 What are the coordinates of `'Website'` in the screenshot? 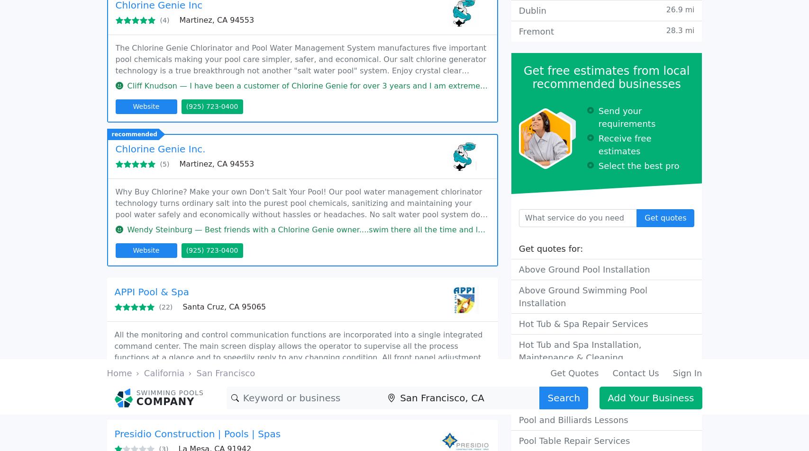 It's located at (145, 248).